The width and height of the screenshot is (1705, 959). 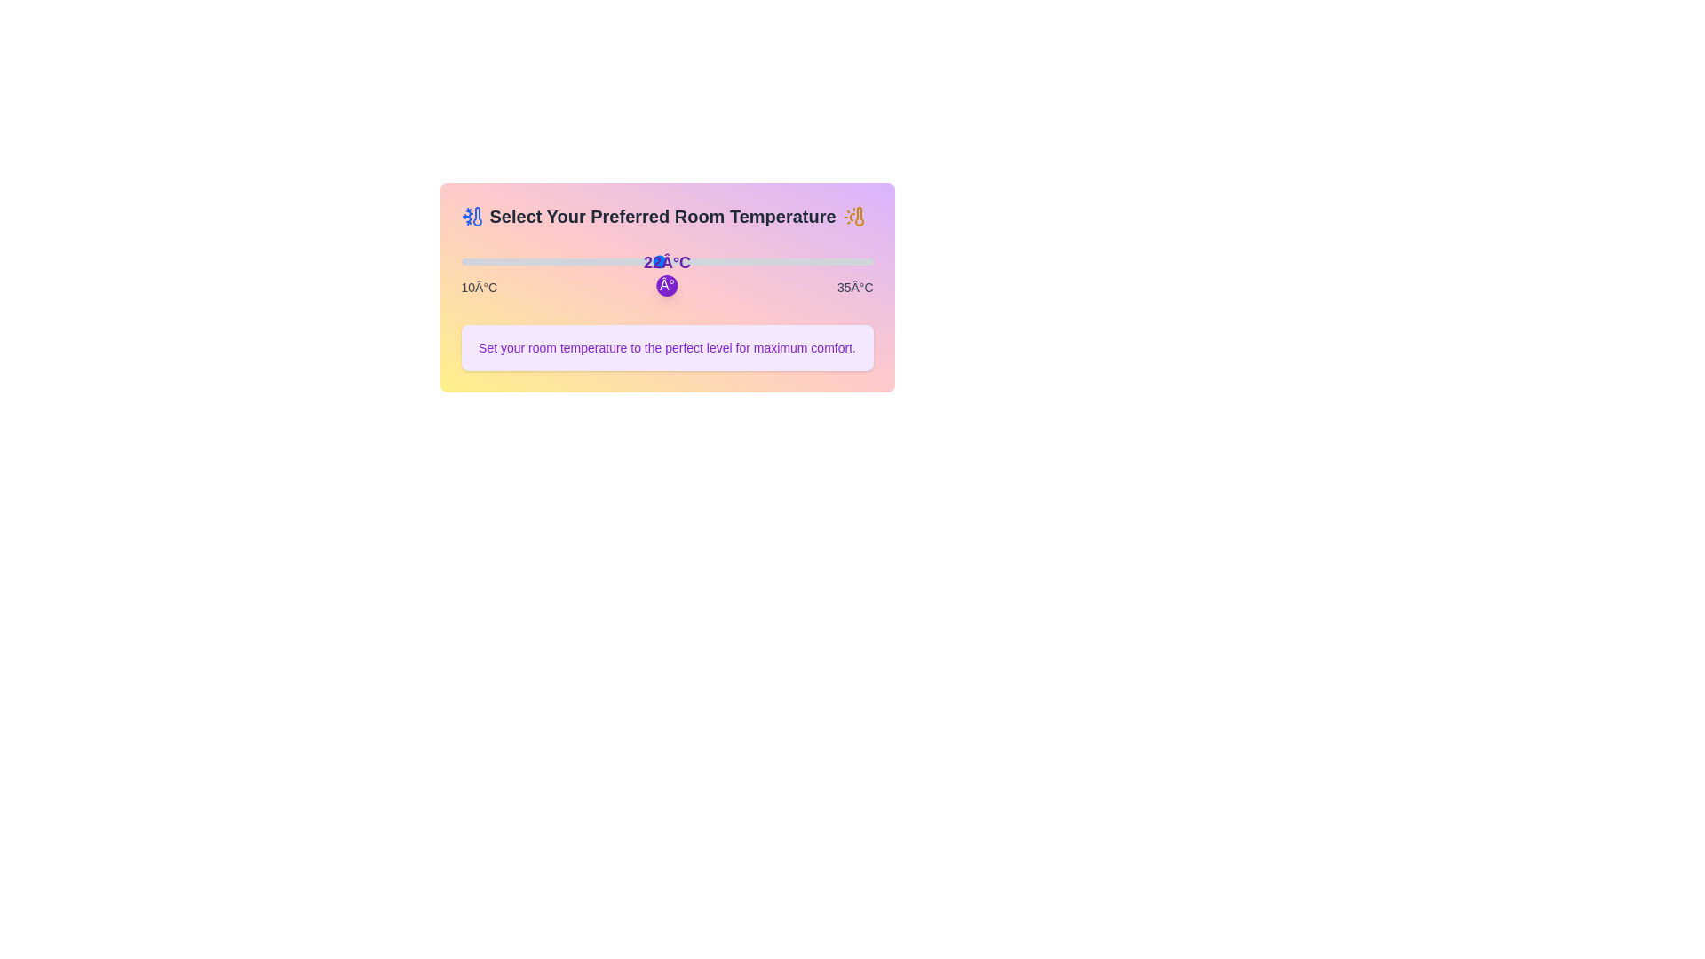 What do you see at coordinates (707, 261) in the screenshot?
I see `the temperature to 25°C by dragging the slider` at bounding box center [707, 261].